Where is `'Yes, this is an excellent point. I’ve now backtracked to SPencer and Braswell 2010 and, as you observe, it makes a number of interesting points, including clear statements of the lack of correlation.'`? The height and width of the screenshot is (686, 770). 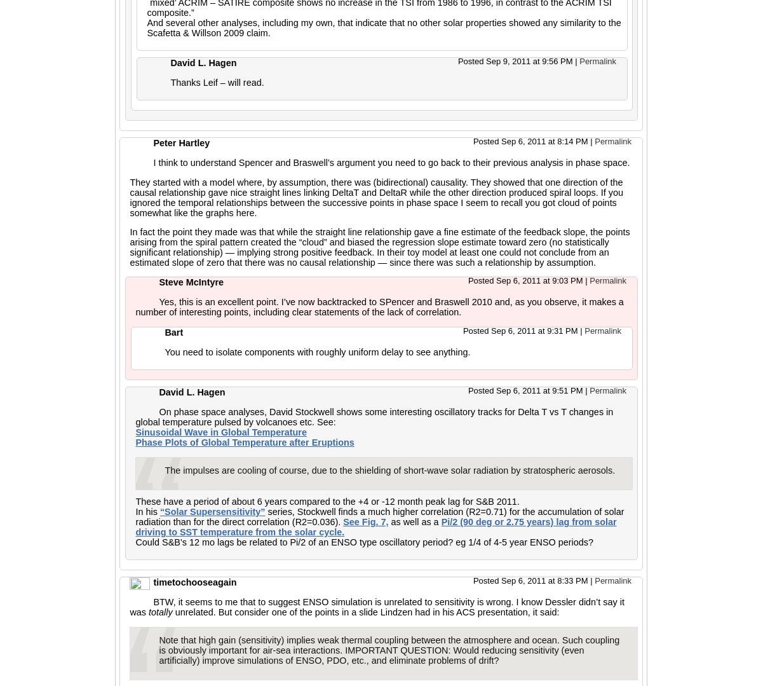
'Yes, this is an excellent point. I’ve now backtracked to SPencer and Braswell 2010 and, as you observe, it makes a number of interesting points, including clear statements of the lack of correlation.' is located at coordinates (379, 306).